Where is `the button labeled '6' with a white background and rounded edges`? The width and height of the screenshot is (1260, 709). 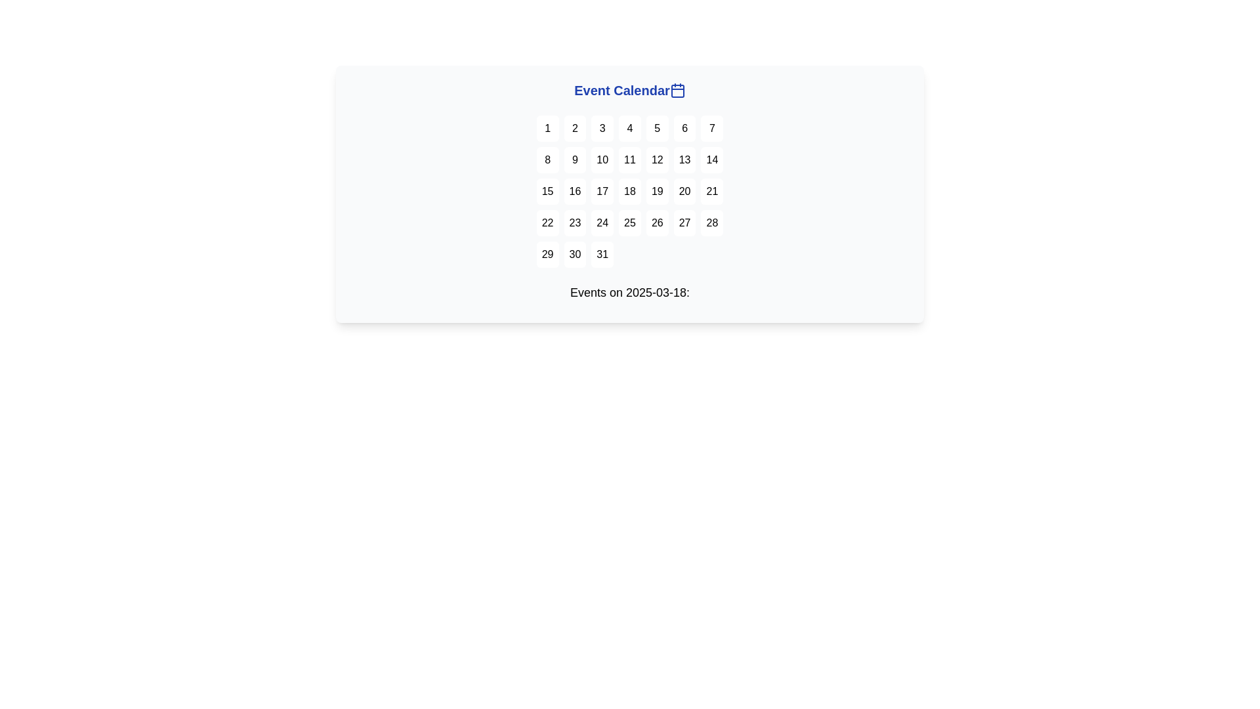 the button labeled '6' with a white background and rounded edges is located at coordinates (684, 129).